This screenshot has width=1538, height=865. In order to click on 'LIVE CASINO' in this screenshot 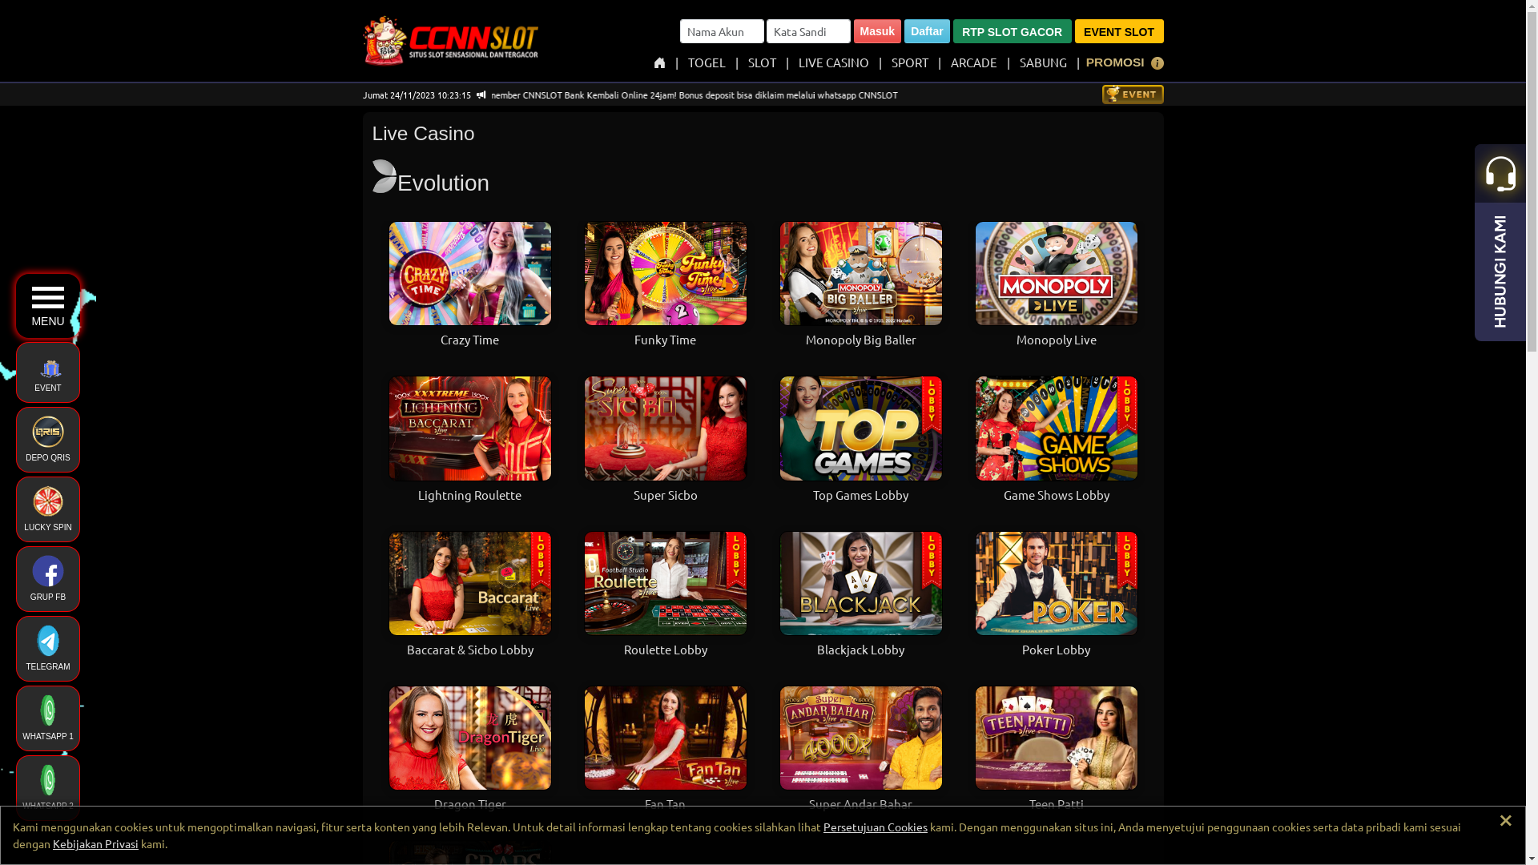, I will do `click(833, 61)`.